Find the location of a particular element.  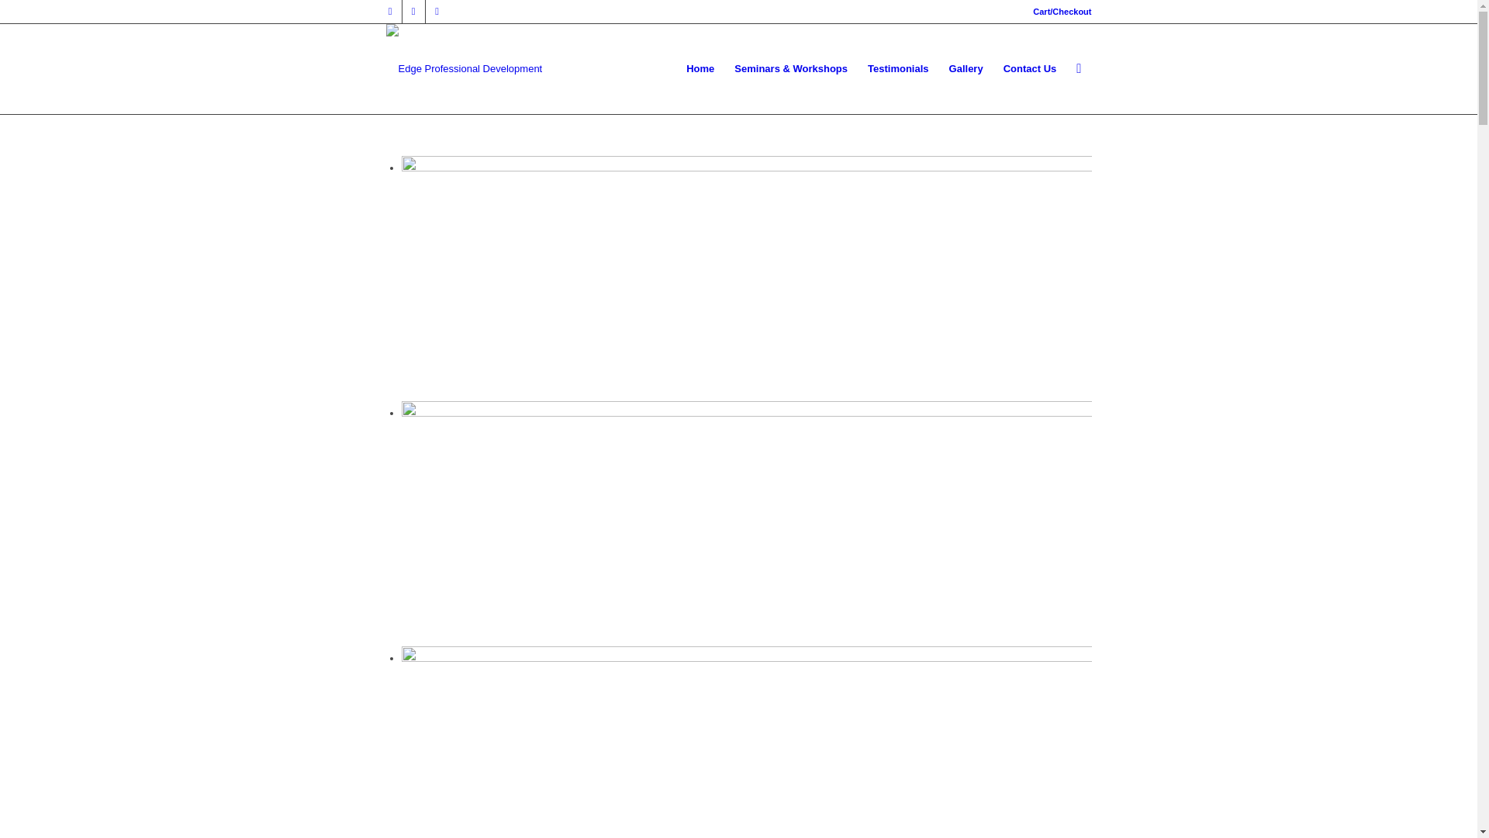

'Contact Us' is located at coordinates (1030, 68).